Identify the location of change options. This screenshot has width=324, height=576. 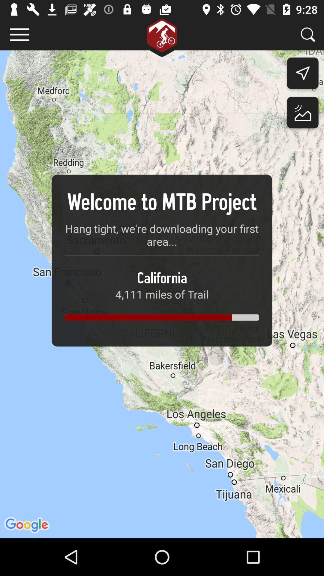
(19, 34).